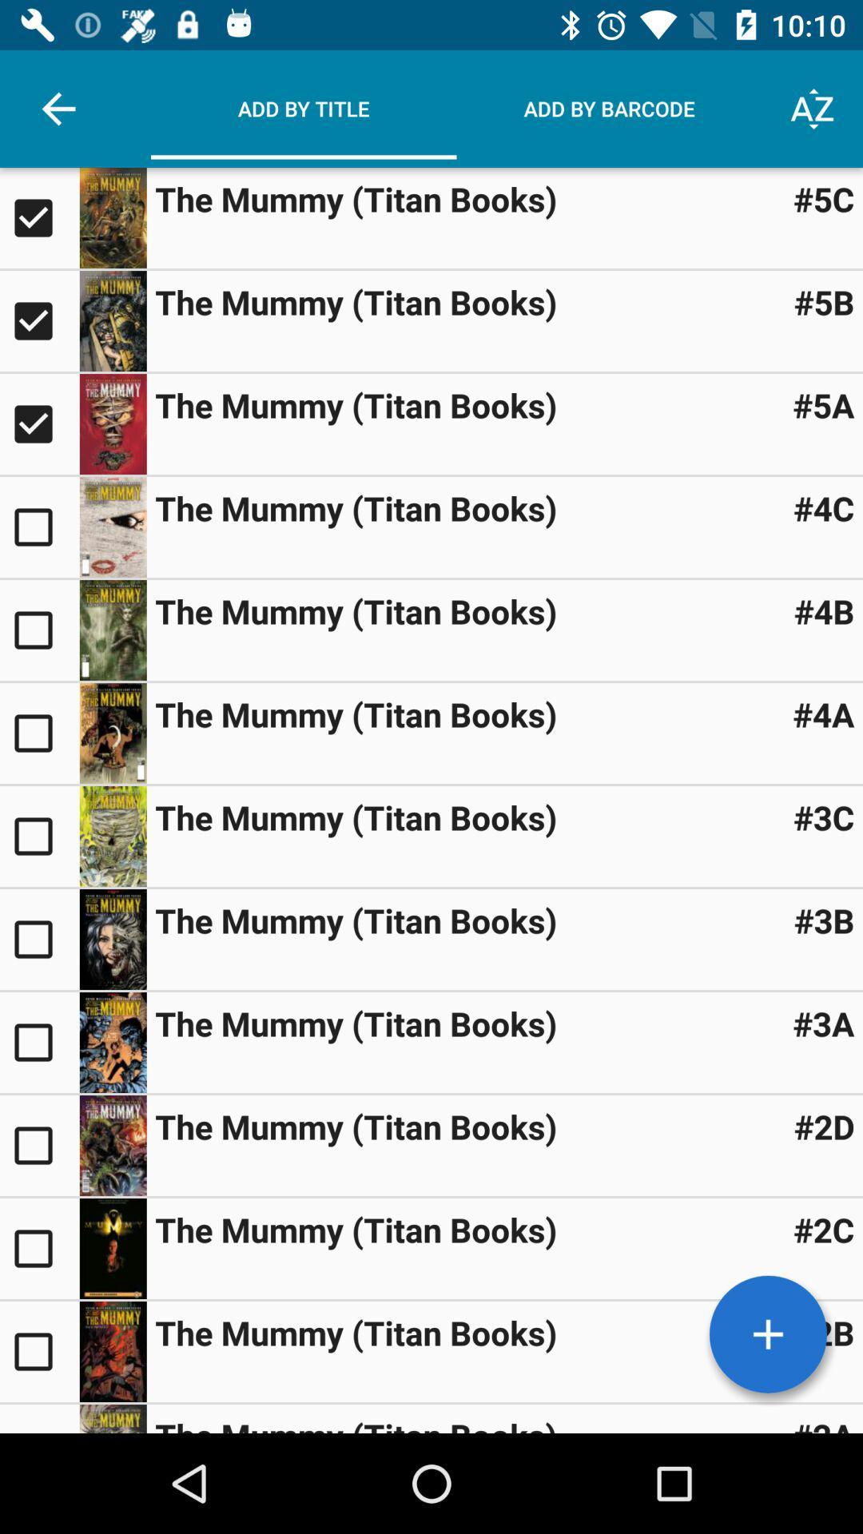 The width and height of the screenshot is (863, 1534). Describe the element at coordinates (38, 629) in the screenshot. I see `this product` at that location.